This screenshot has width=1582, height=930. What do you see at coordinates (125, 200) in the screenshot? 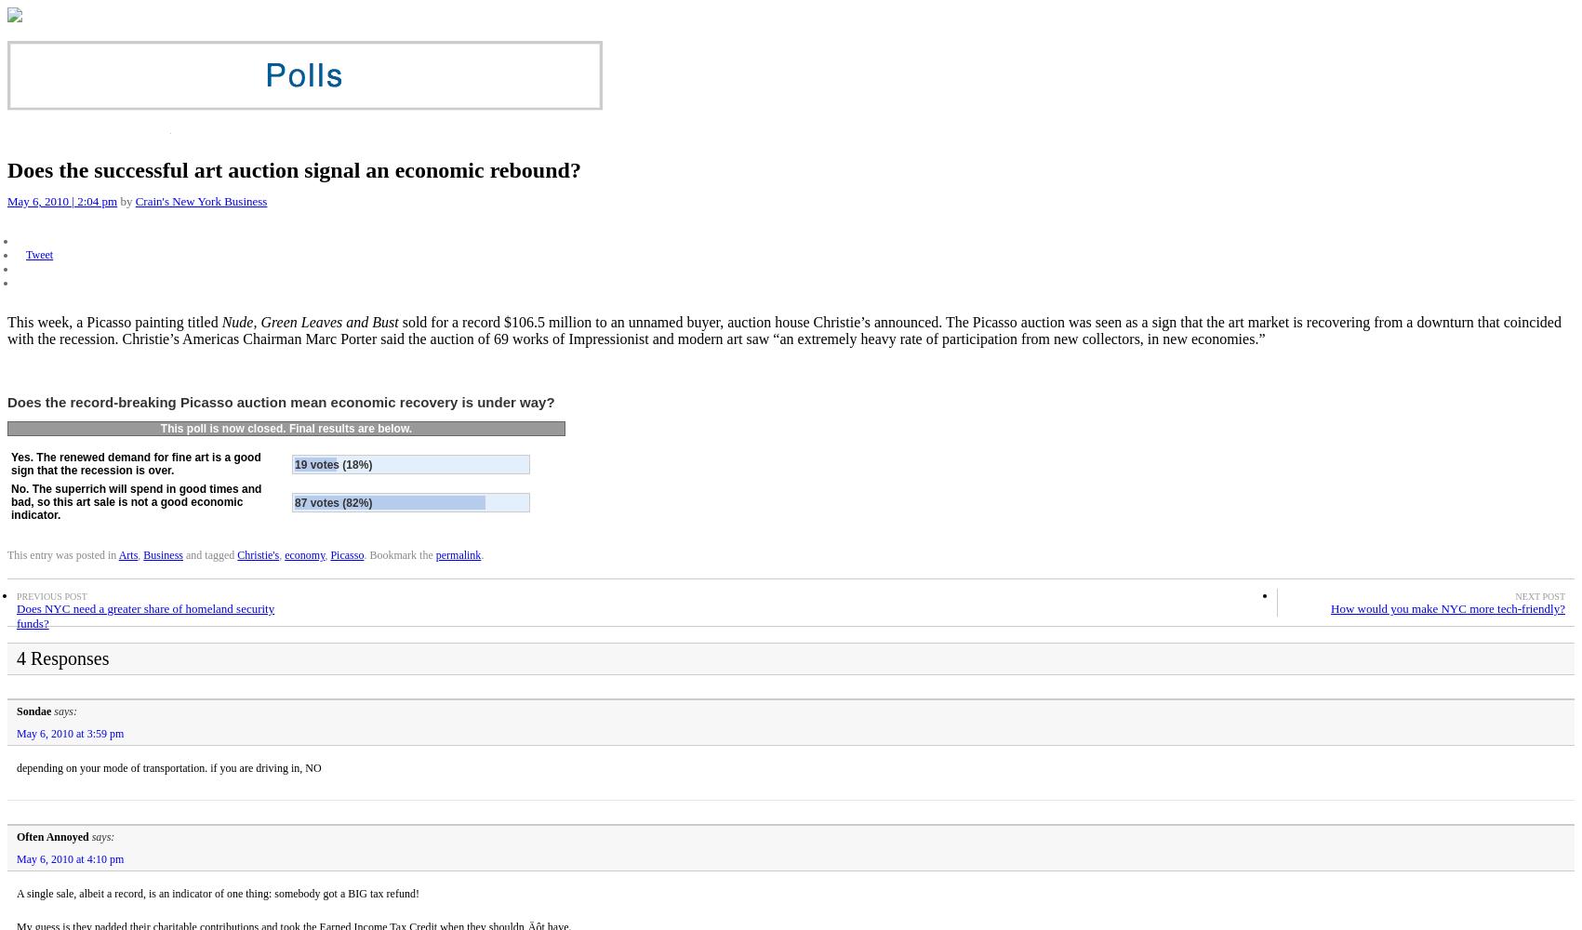
I see `'by'` at bounding box center [125, 200].